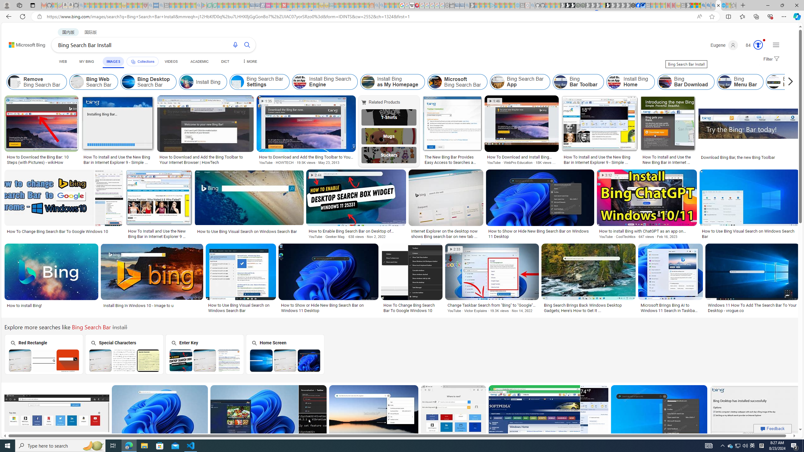  What do you see at coordinates (14, 82) in the screenshot?
I see `'Remove Bing Search Bar'` at bounding box center [14, 82].